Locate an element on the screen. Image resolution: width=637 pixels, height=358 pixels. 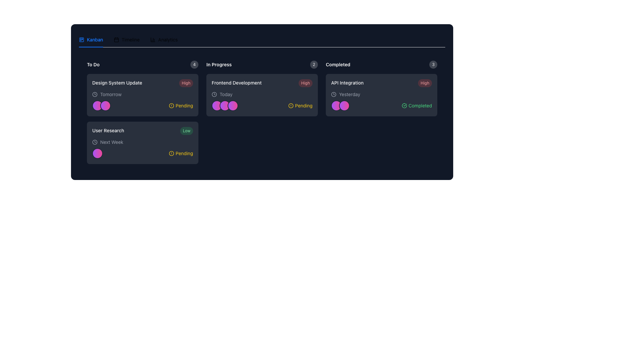
the 'Timeline' tab, which is the second tab in the horizontal tab bar, to switch to the timeline view is located at coordinates (126, 39).